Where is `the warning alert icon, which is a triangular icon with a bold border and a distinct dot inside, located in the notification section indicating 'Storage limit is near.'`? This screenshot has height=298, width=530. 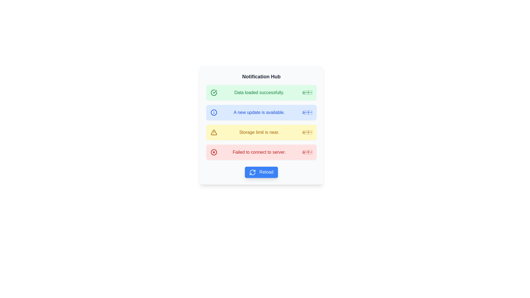
the warning alert icon, which is a triangular icon with a bold border and a distinct dot inside, located in the notification section indicating 'Storage limit is near.' is located at coordinates (213, 132).